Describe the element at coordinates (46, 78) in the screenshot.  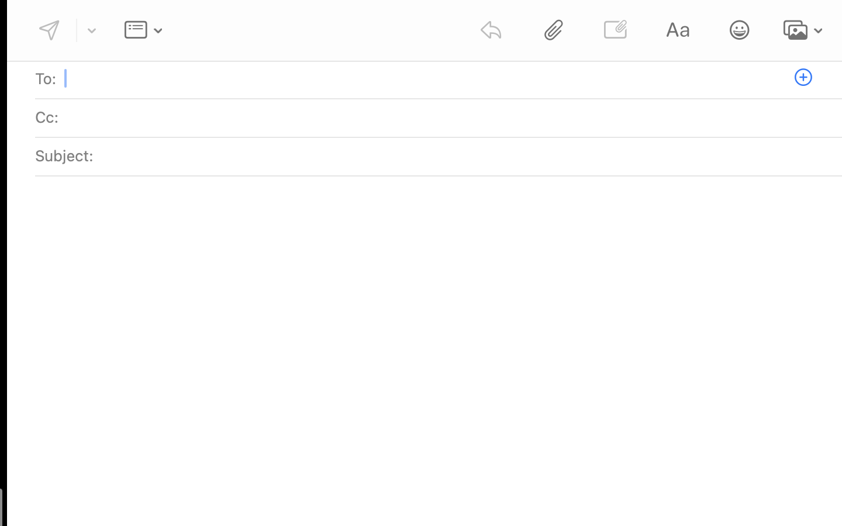
I see `'To:'` at that location.